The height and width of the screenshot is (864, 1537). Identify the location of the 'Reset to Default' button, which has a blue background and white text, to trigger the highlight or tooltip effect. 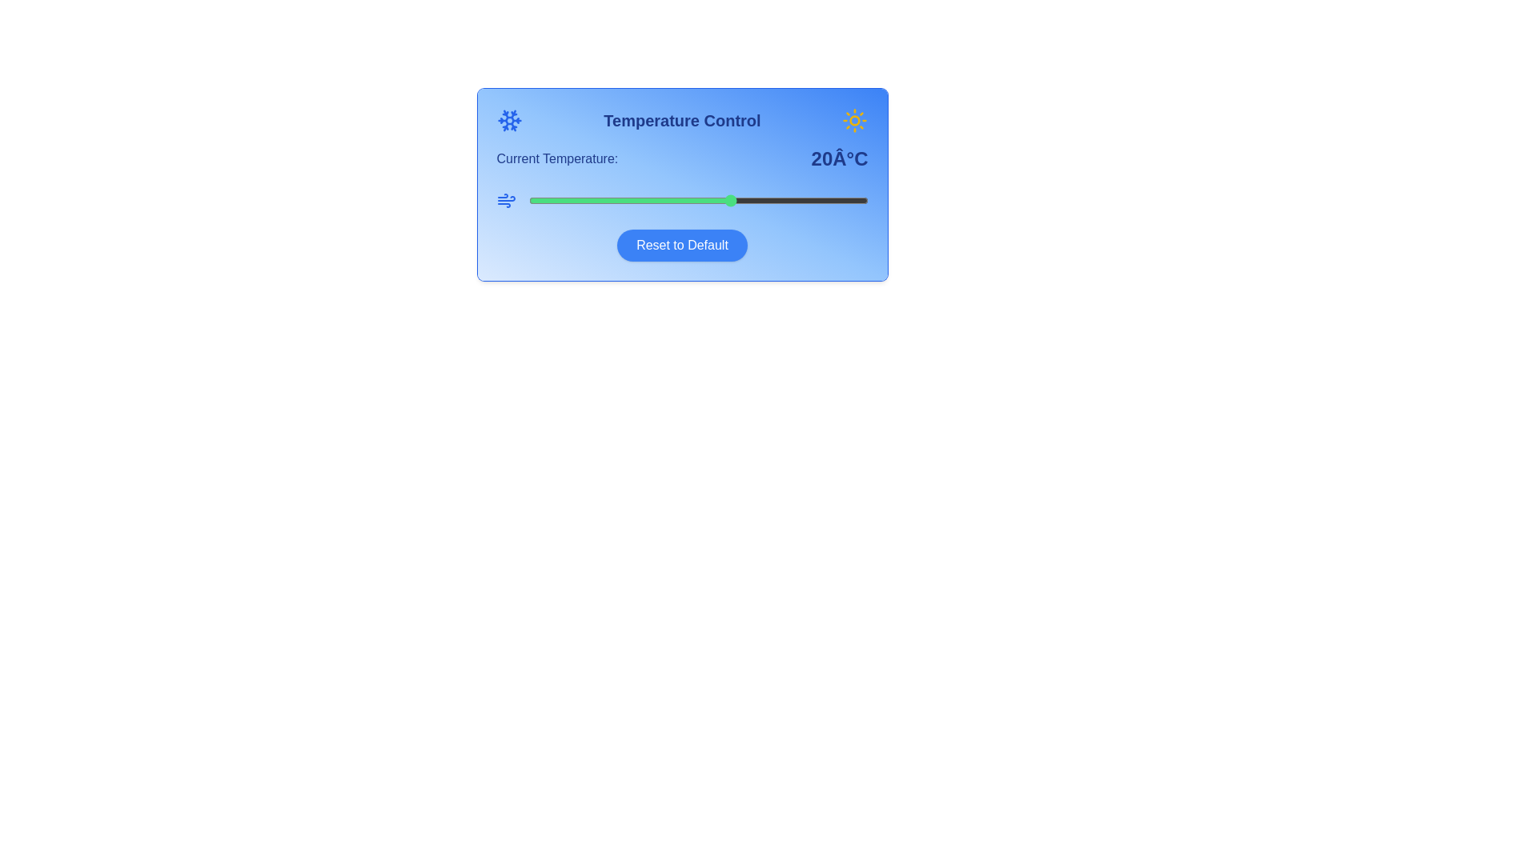
(682, 246).